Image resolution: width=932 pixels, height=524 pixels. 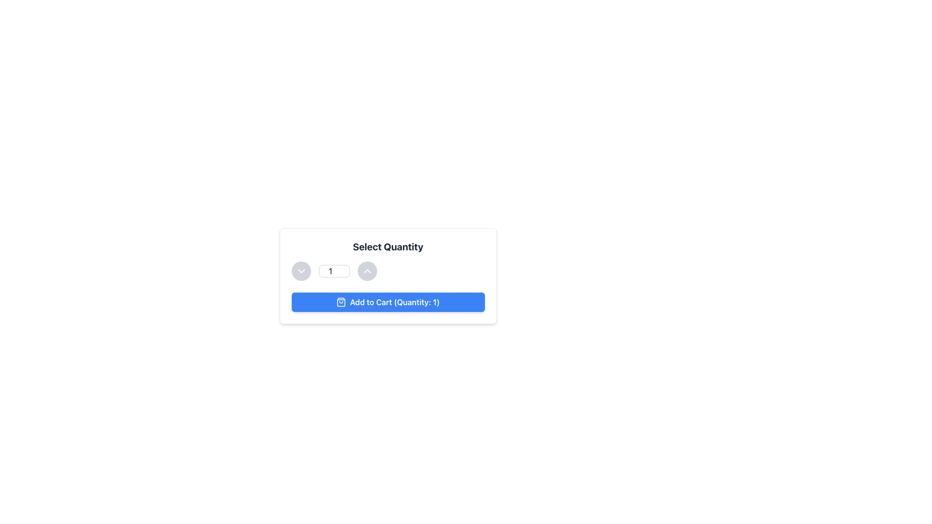 What do you see at coordinates (387, 302) in the screenshot?
I see `the 'Add to Cart (Quantity: 1)' button with blue background and white text` at bounding box center [387, 302].